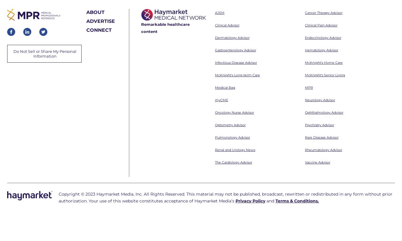 This screenshot has height=241, width=402. Describe the element at coordinates (221, 19) in the screenshot. I see `'myCME'` at that location.